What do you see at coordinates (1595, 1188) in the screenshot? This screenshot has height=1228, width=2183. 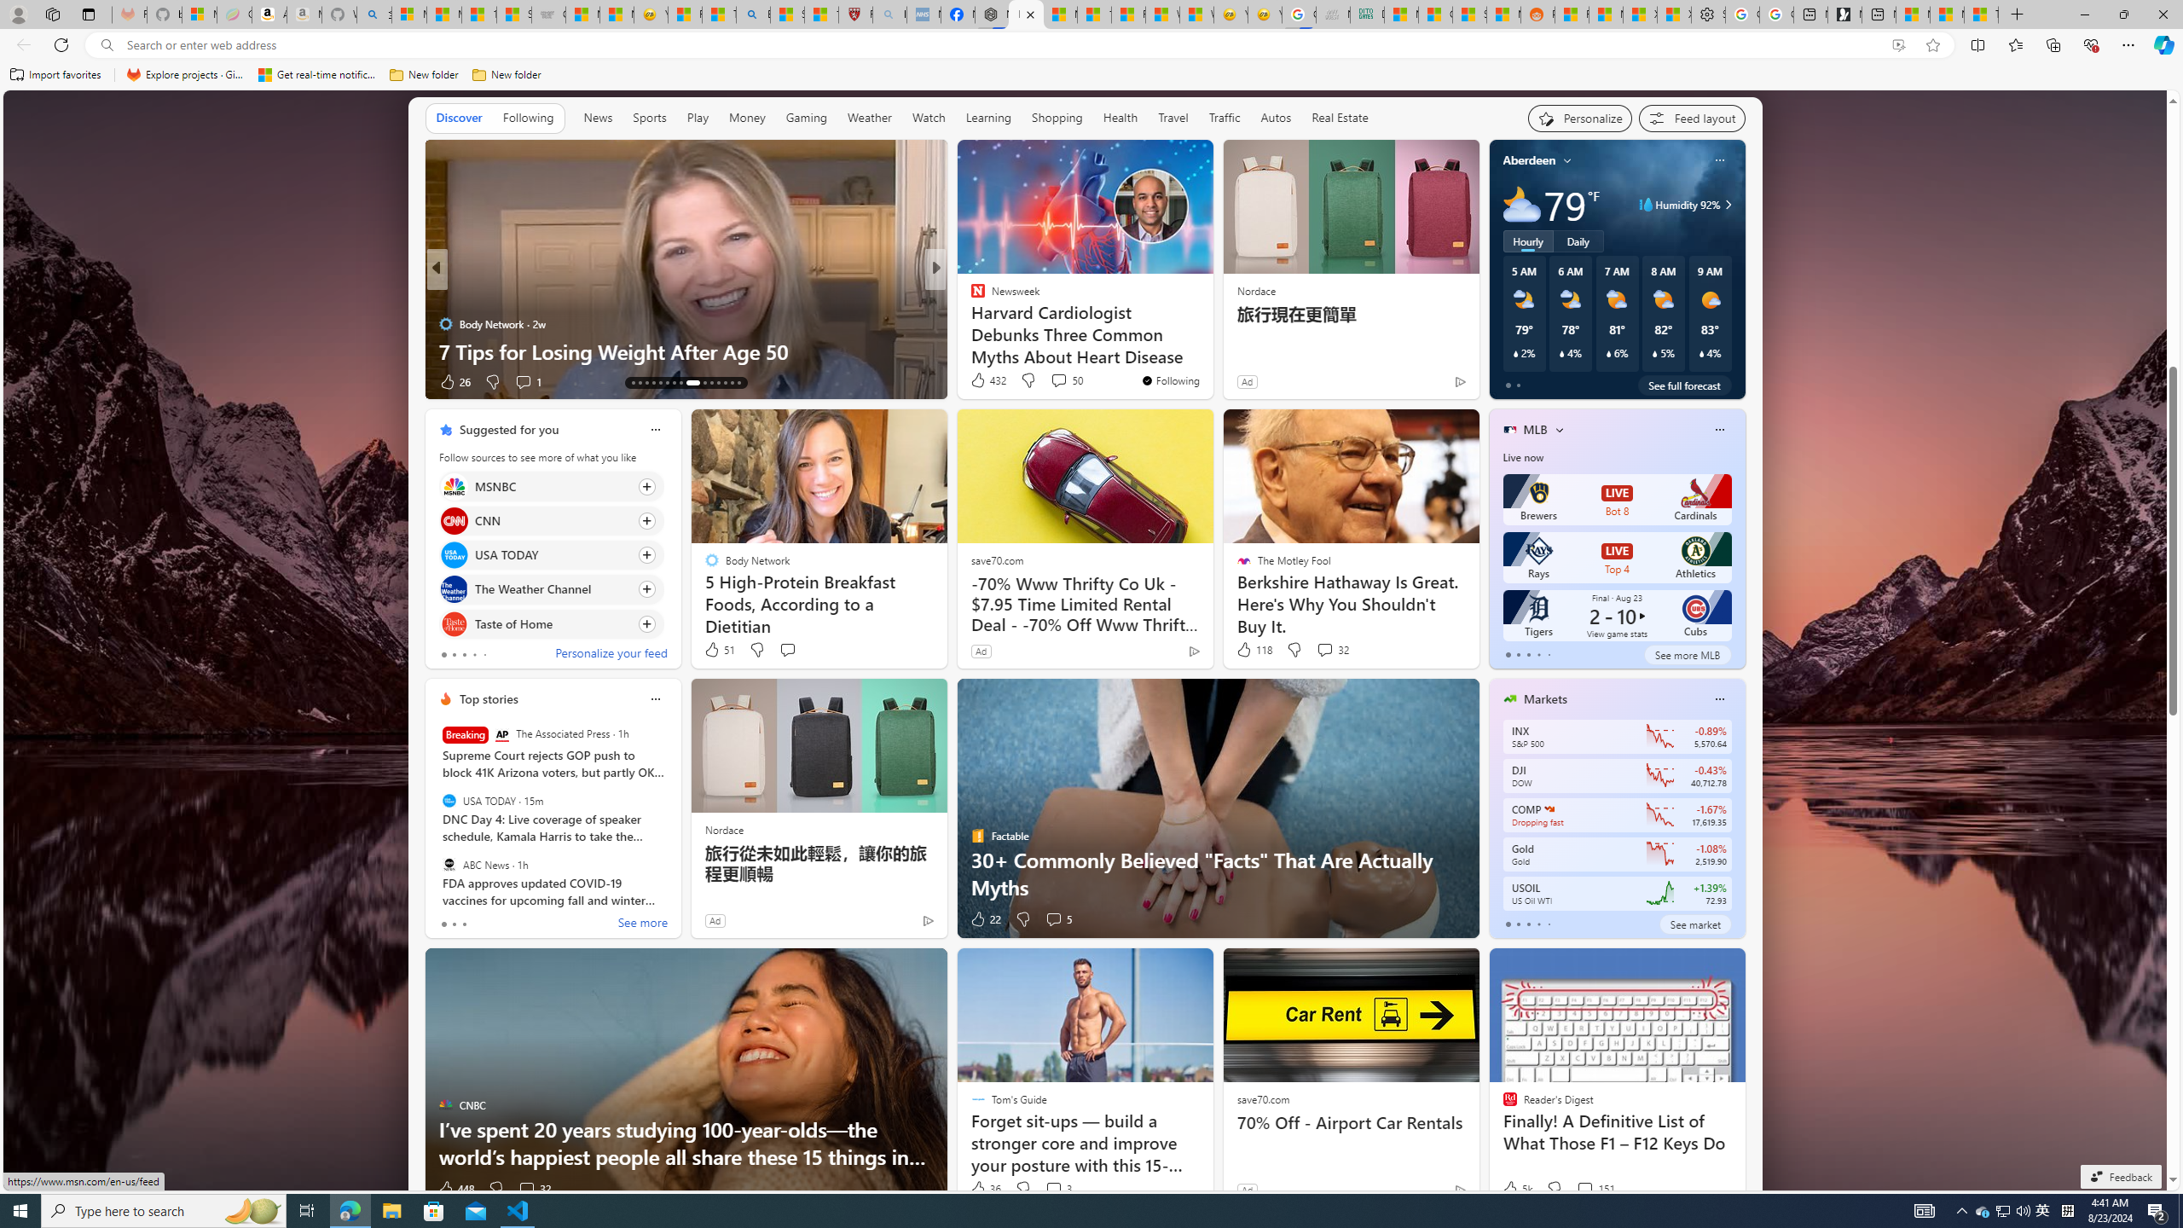 I see `'View comments 151 Comment'` at bounding box center [1595, 1188].